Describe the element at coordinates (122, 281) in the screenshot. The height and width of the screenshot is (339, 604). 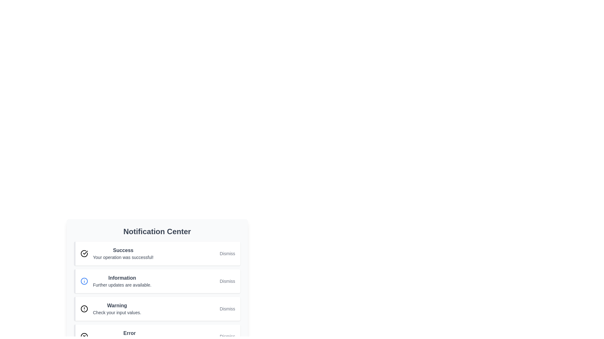
I see `information displayed in the text block that shows 'Information' and 'Further updates are available.' within the notification card` at that location.